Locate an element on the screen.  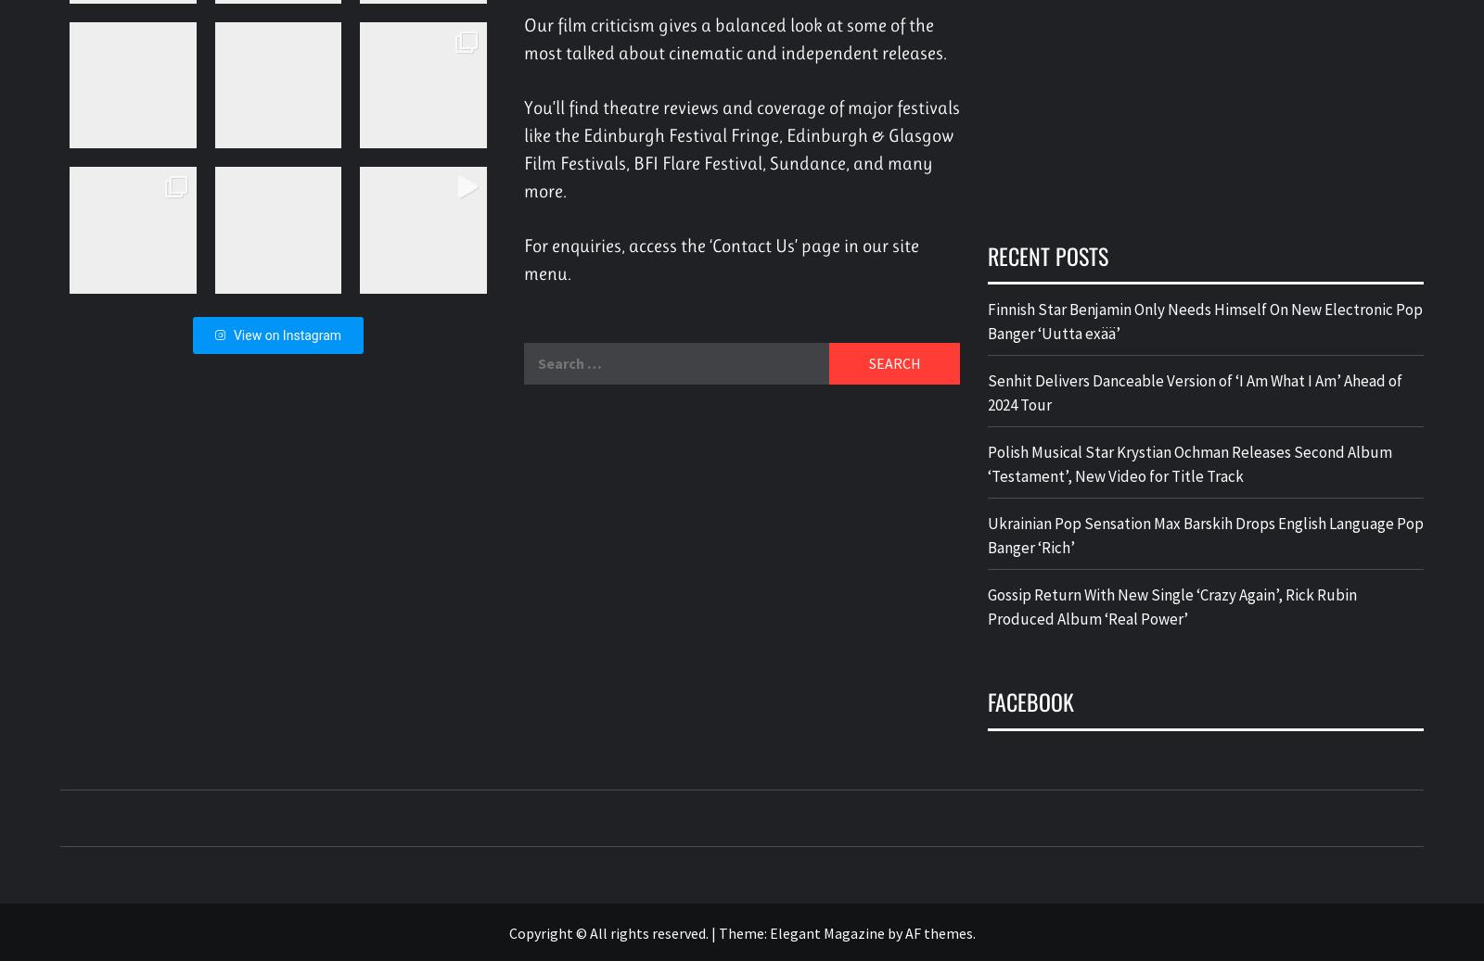
'You’ll find theatre reviews and coverage of major festivals like the Edinburgh Festival Fringe, Edinburgh & Glasgow Film Festivals, BFI Flare Festival, Sundance, and many more.' is located at coordinates (742, 147).